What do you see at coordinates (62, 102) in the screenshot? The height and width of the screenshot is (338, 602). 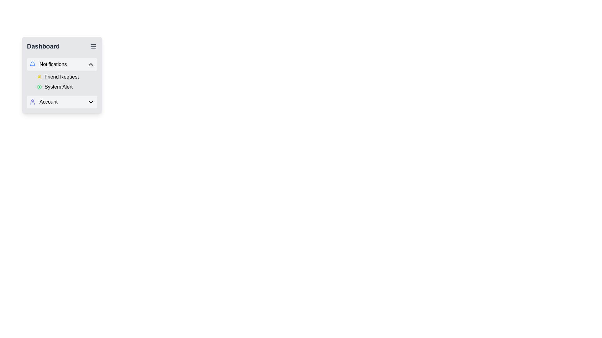 I see `the button for account-related options` at bounding box center [62, 102].